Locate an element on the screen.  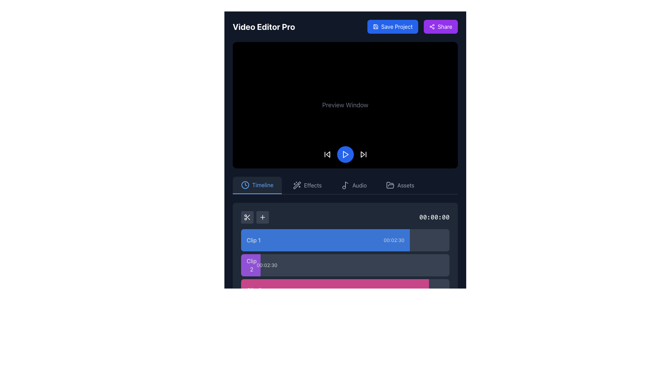
the square-shaped button with a '+' icon in the center, located in the timeline section to the right of the scissor-shaped button, to observe its hover effect is located at coordinates (262, 216).